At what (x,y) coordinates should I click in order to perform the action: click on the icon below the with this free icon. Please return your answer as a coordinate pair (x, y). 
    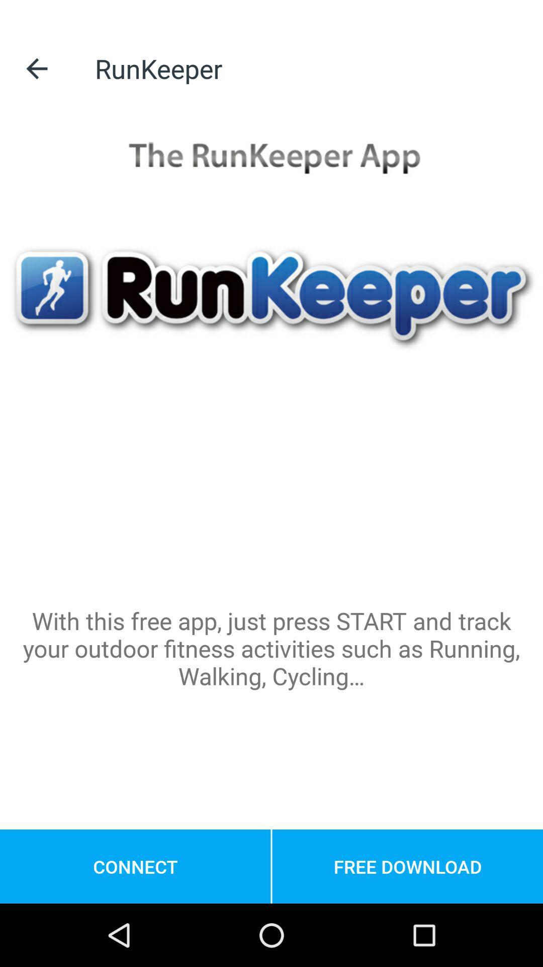
    Looking at the image, I should click on (135, 866).